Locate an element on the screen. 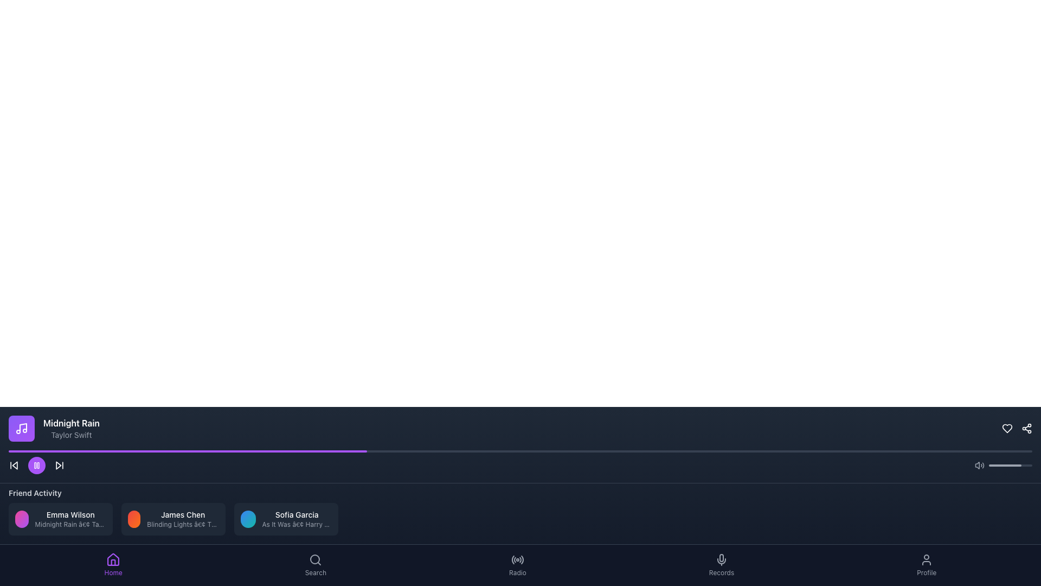 The width and height of the screenshot is (1041, 586). the pause icon button, which is visually represented as two vertical bars within a circular button with a purple gradient, located in the central portion of the music player control bar is located at coordinates (36, 464).